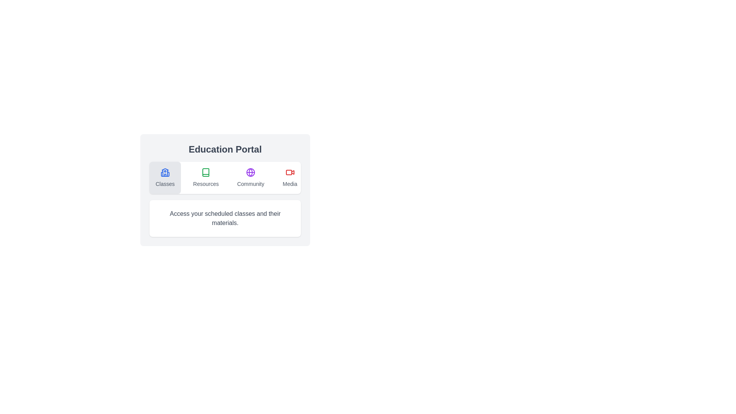  Describe the element at coordinates (225, 219) in the screenshot. I see `the active tab to read its content` at that location.